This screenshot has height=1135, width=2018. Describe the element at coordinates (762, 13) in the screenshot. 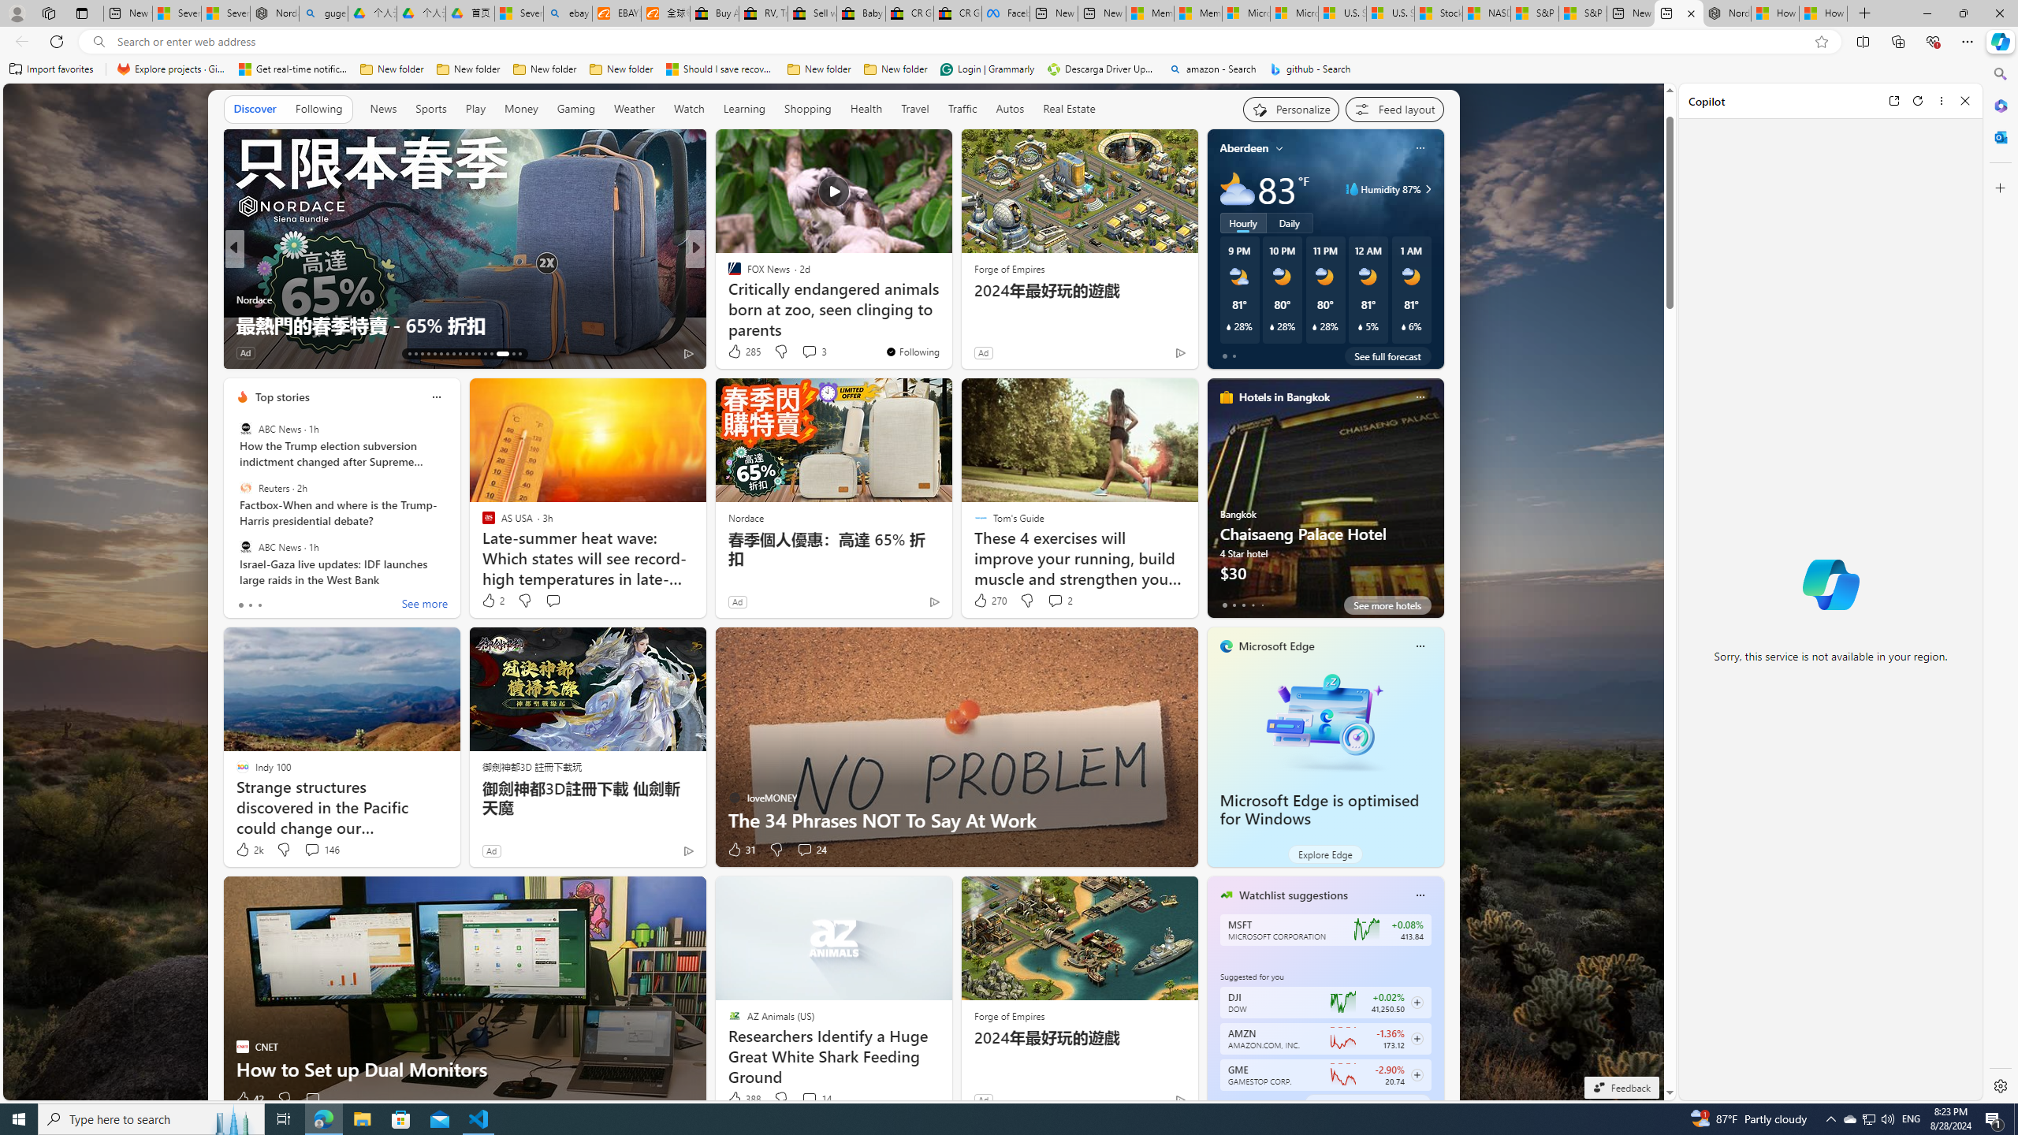

I see `'RV, Trailer & Camper Steps & Ladders for sale | eBay'` at that location.